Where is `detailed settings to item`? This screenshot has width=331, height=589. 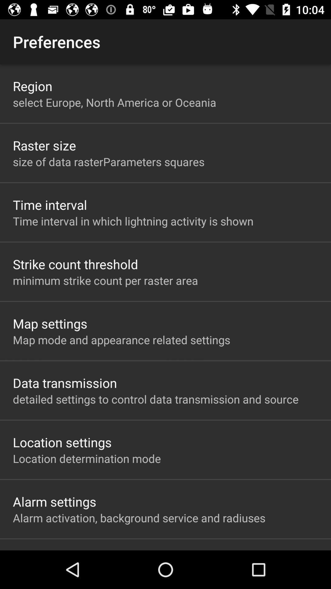 detailed settings to item is located at coordinates (155, 399).